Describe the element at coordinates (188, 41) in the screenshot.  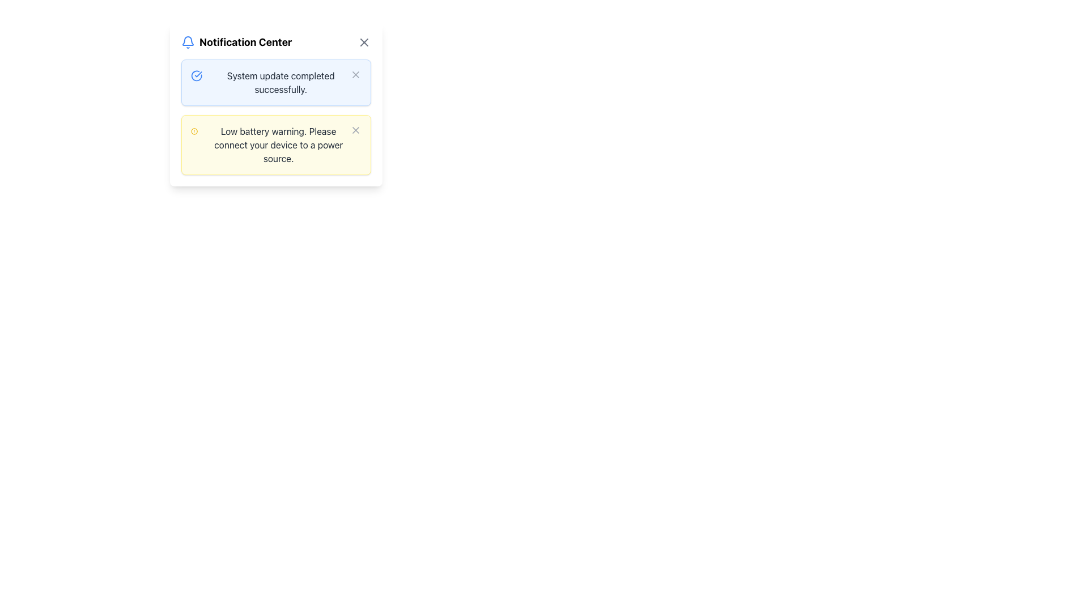
I see `the blue bell icon with a hollow outline design located to the far left of the Notification Center header area, adjacent to the text 'Notification Center'` at that location.